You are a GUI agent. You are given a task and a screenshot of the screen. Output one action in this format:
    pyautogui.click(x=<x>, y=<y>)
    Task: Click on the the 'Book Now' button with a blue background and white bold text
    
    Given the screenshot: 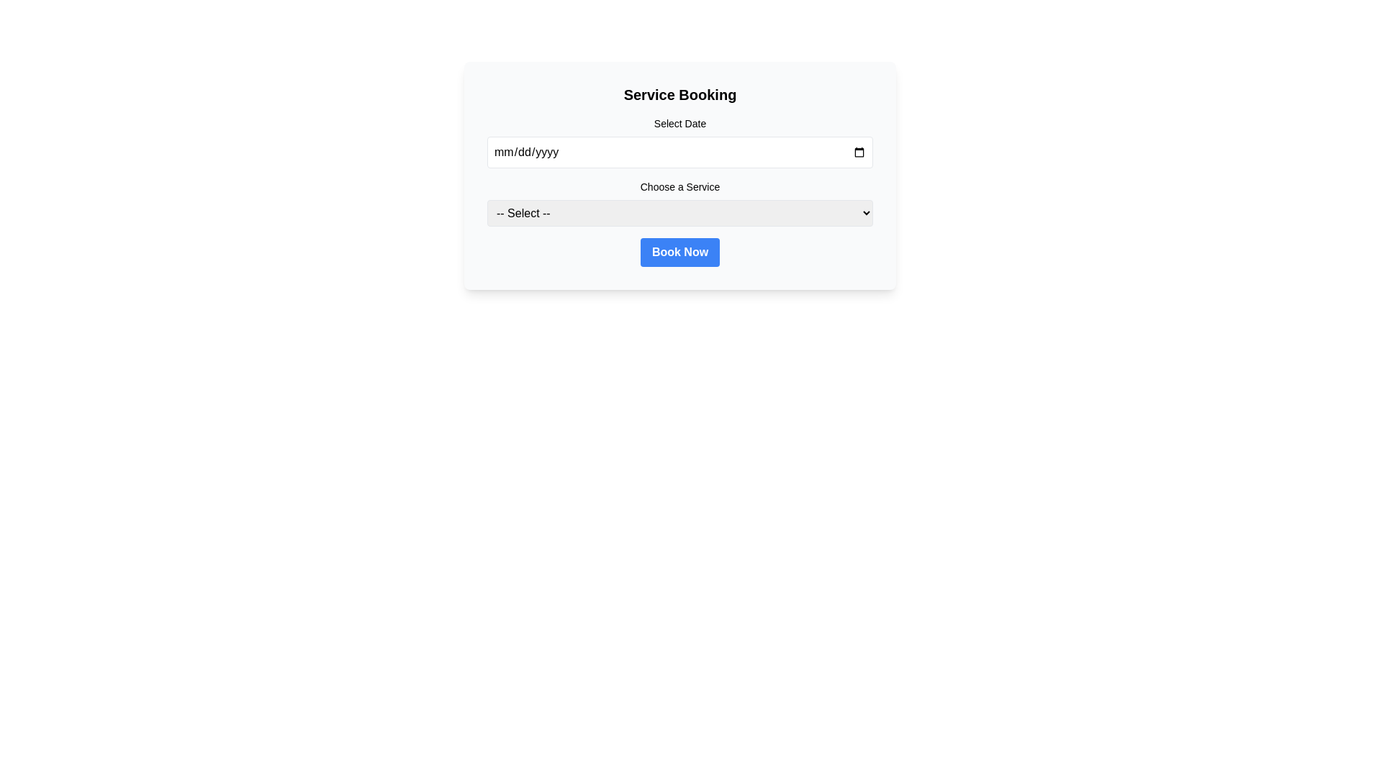 What is the action you would take?
    pyautogui.click(x=679, y=252)
    